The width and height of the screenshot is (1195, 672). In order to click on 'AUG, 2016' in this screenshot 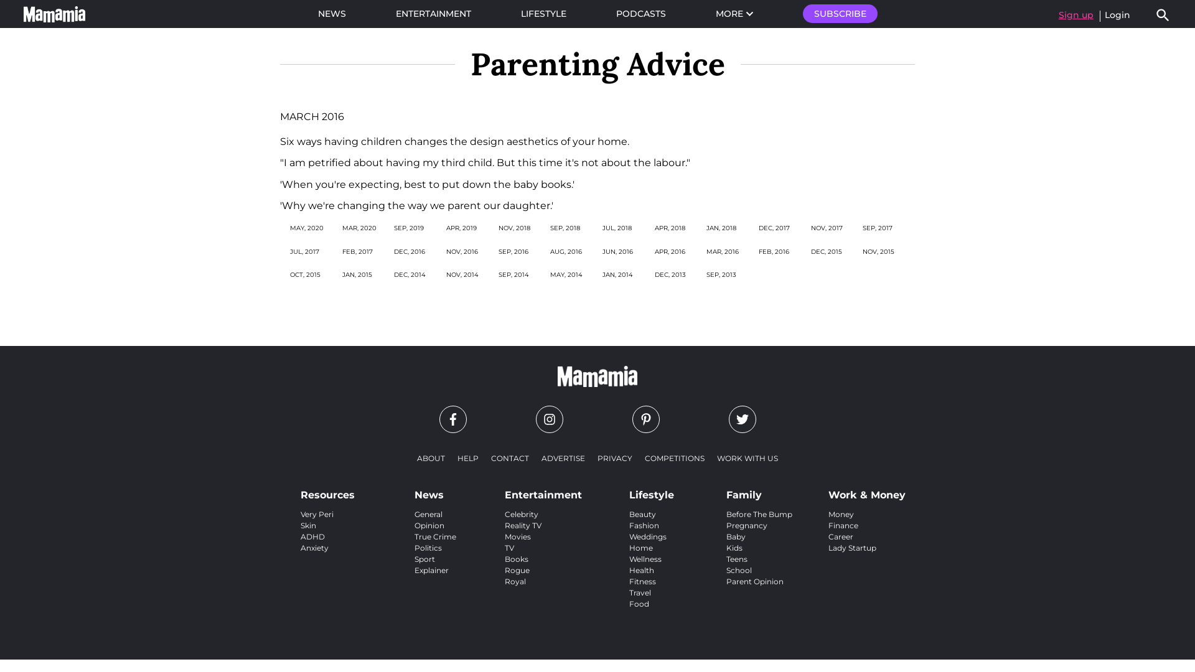, I will do `click(549, 251)`.